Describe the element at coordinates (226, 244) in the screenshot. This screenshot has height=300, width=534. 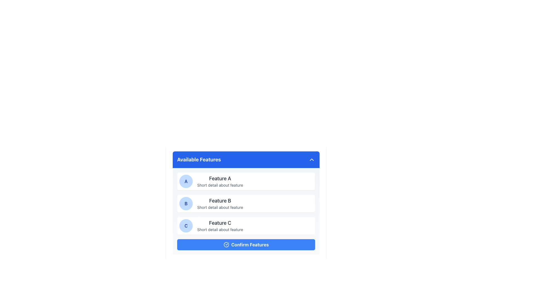
I see `the blue outlined circular icon with a check mark inside, located to the left of the 'Confirm Features' button` at that location.